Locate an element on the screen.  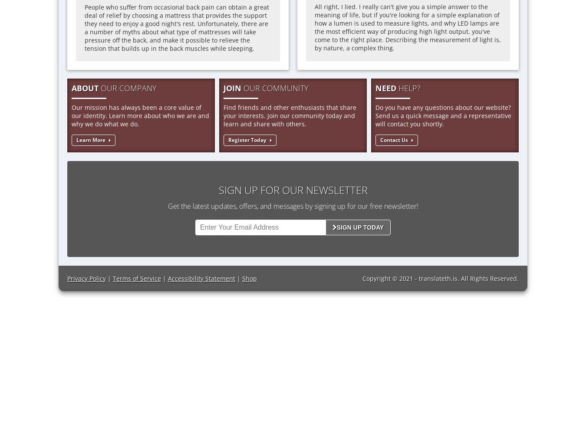
'Terms of Service' is located at coordinates (112, 278).